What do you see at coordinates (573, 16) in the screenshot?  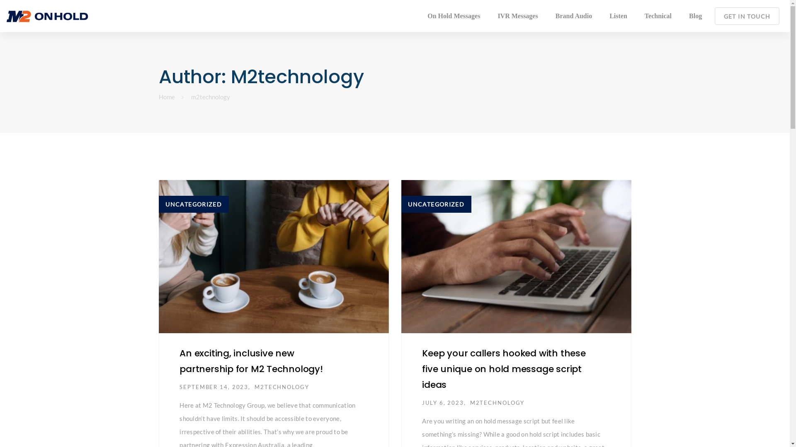 I see `'Brand Audio'` at bounding box center [573, 16].